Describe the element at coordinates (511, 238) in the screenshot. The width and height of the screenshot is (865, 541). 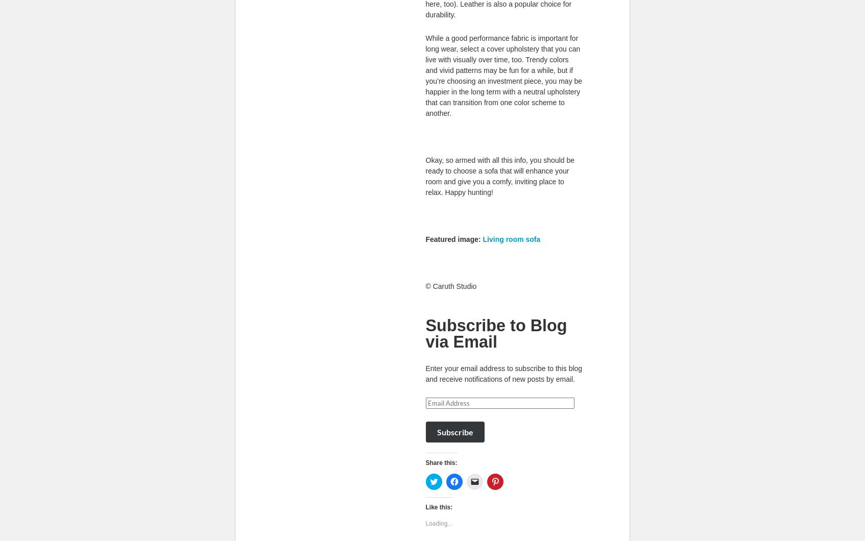
I see `'Living room sofa'` at that location.